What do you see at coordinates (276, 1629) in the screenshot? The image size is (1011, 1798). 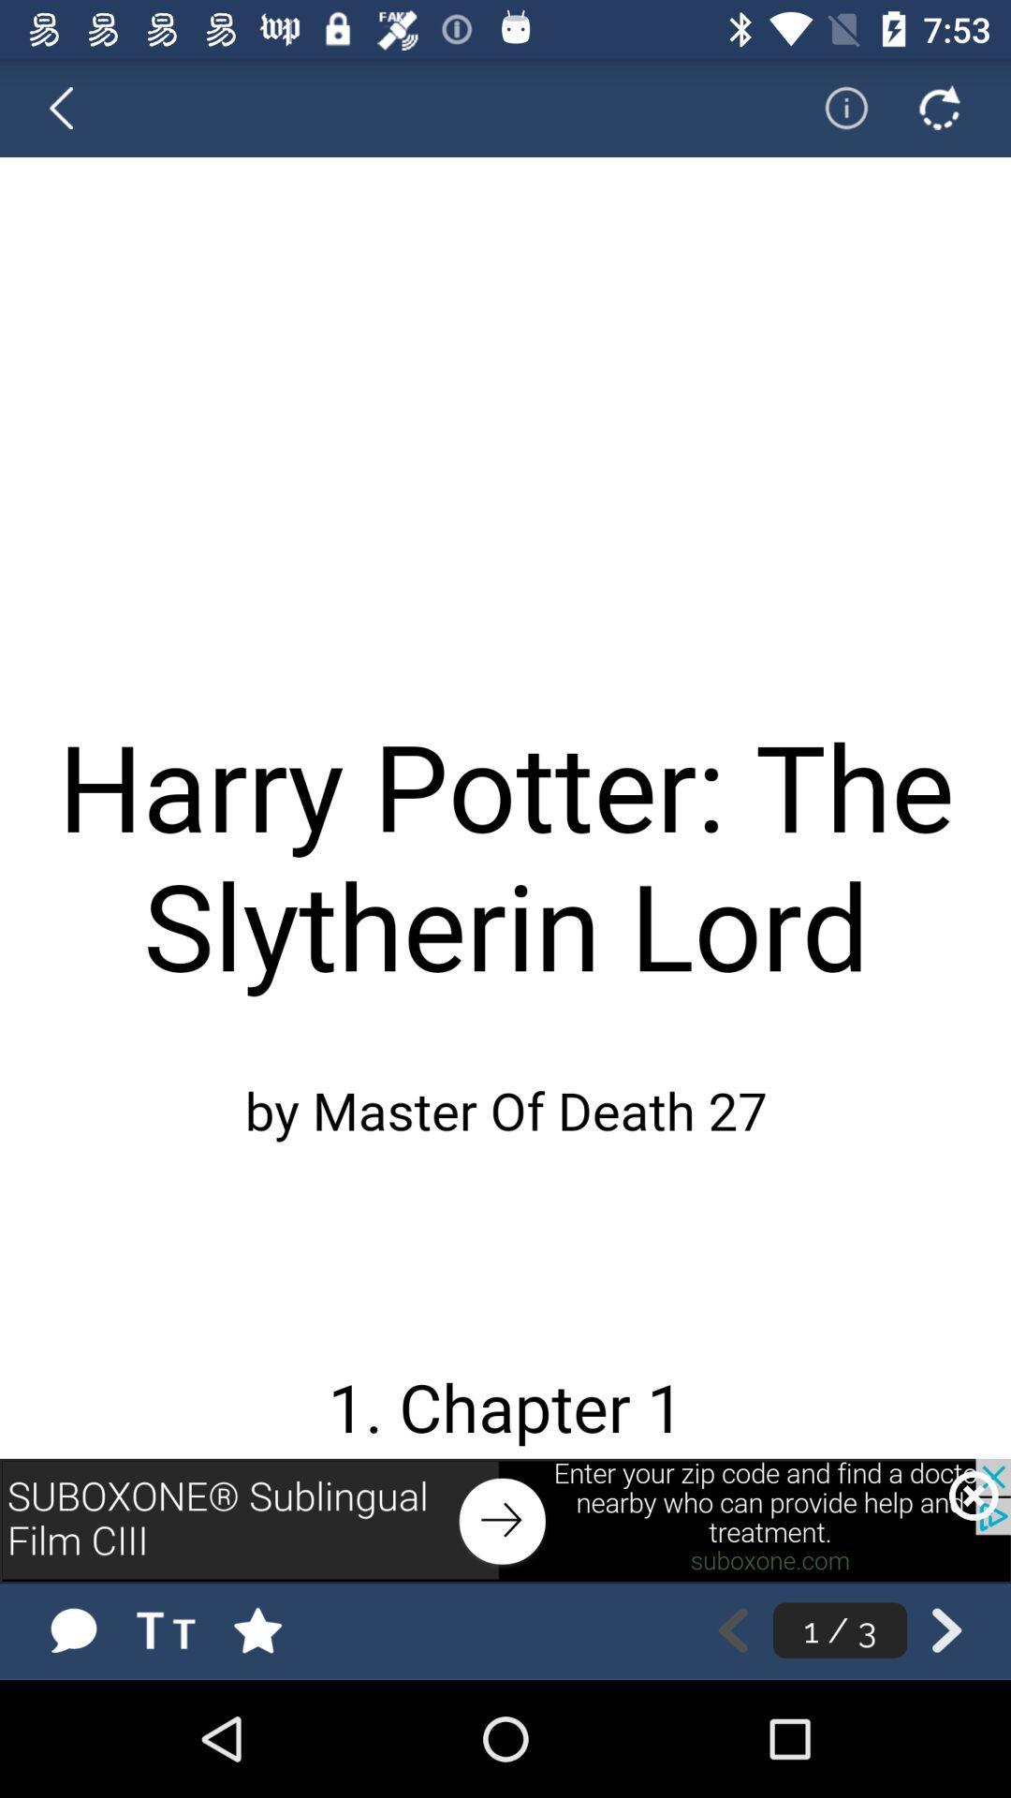 I see `to favourite list` at bounding box center [276, 1629].